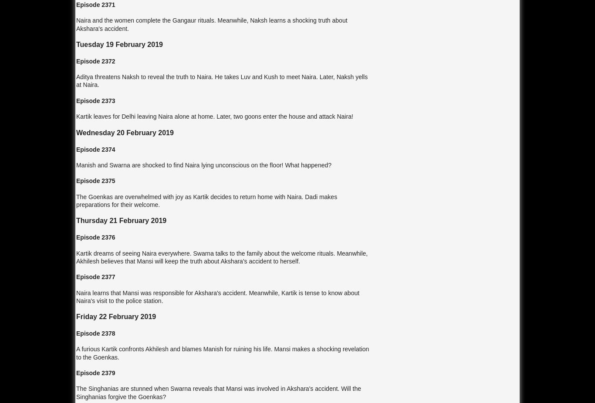  What do you see at coordinates (95, 180) in the screenshot?
I see `'Episode 2375'` at bounding box center [95, 180].